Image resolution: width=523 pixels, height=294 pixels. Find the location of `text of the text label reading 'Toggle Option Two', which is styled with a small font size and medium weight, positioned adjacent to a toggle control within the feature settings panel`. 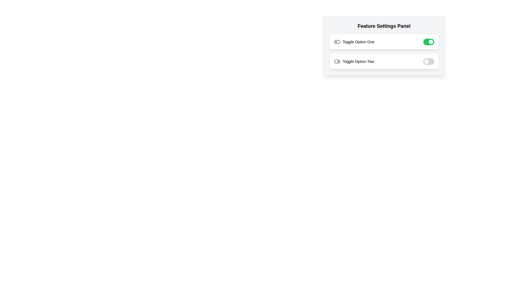

text of the text label reading 'Toggle Option Two', which is styled with a small font size and medium weight, positioned adjacent to a toggle control within the feature settings panel is located at coordinates (358, 61).